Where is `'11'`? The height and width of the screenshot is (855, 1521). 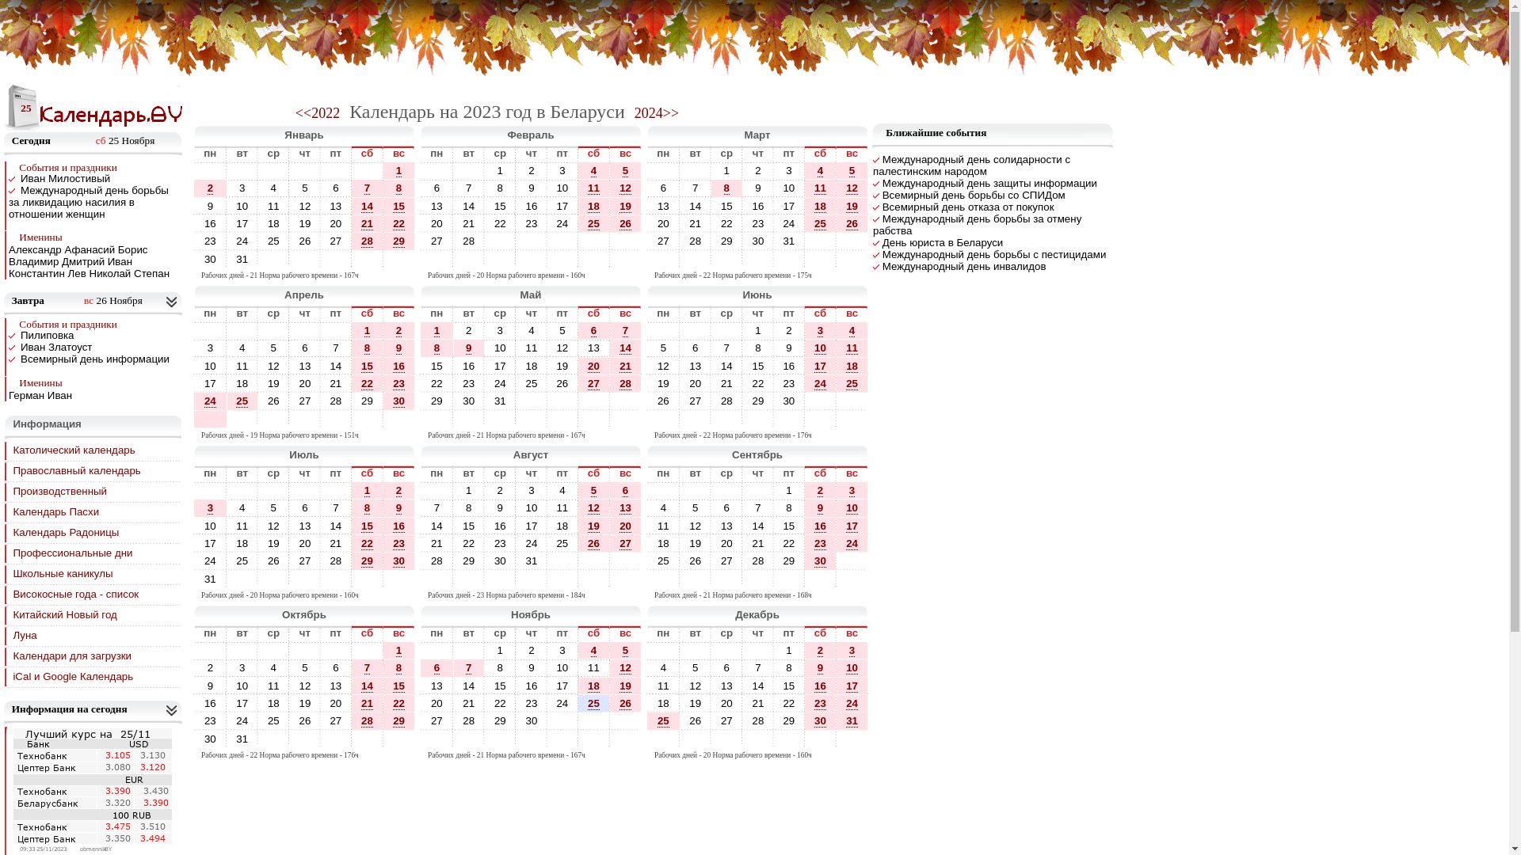
'11' is located at coordinates (814, 188).